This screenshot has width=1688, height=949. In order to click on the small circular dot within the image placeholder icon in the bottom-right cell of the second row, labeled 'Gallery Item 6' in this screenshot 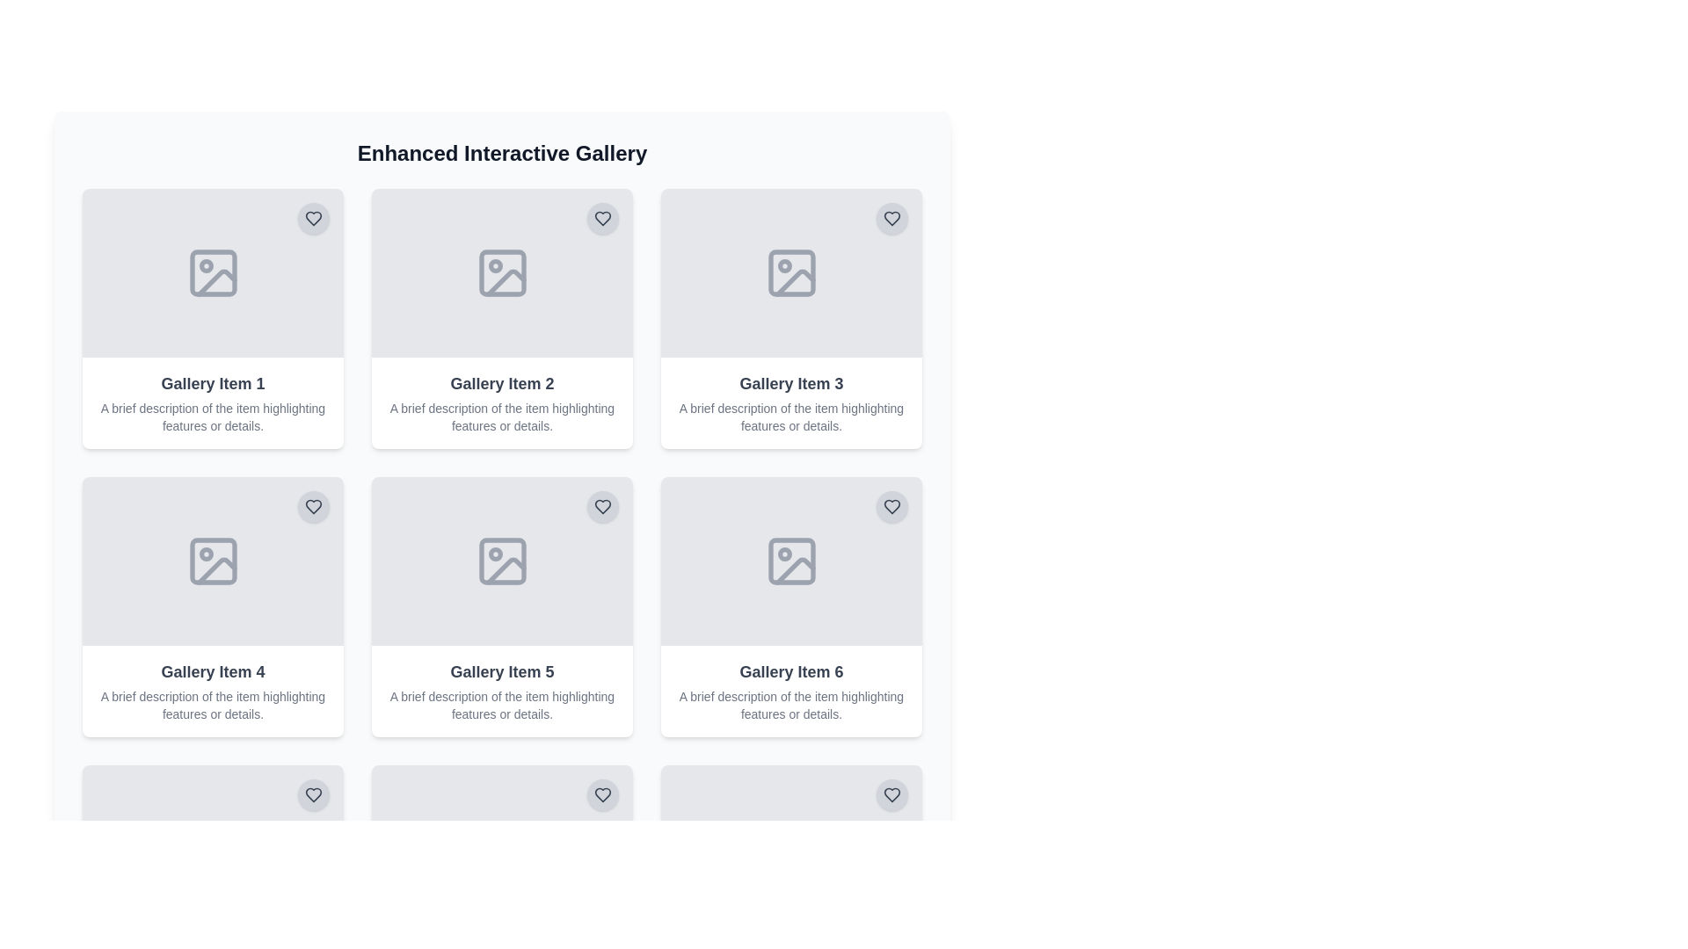, I will do `click(783, 554)`.